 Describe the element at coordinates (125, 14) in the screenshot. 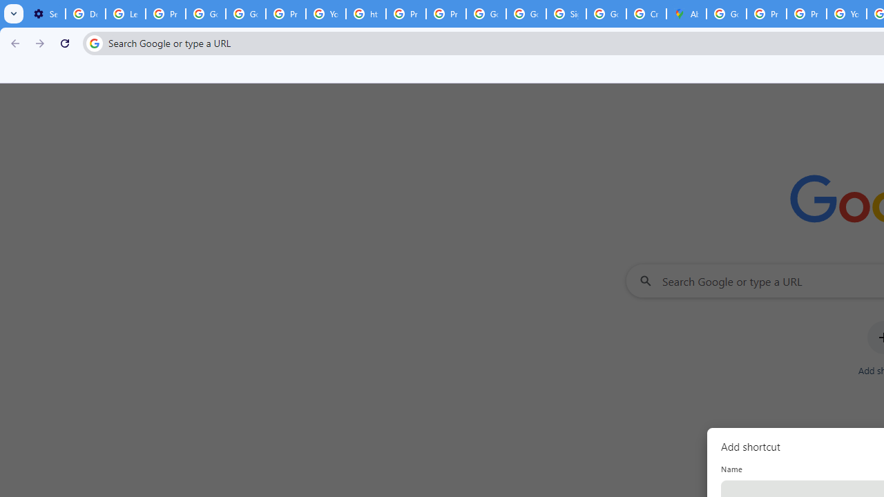

I see `'Learn how to find your photos - Google Photos Help'` at that location.